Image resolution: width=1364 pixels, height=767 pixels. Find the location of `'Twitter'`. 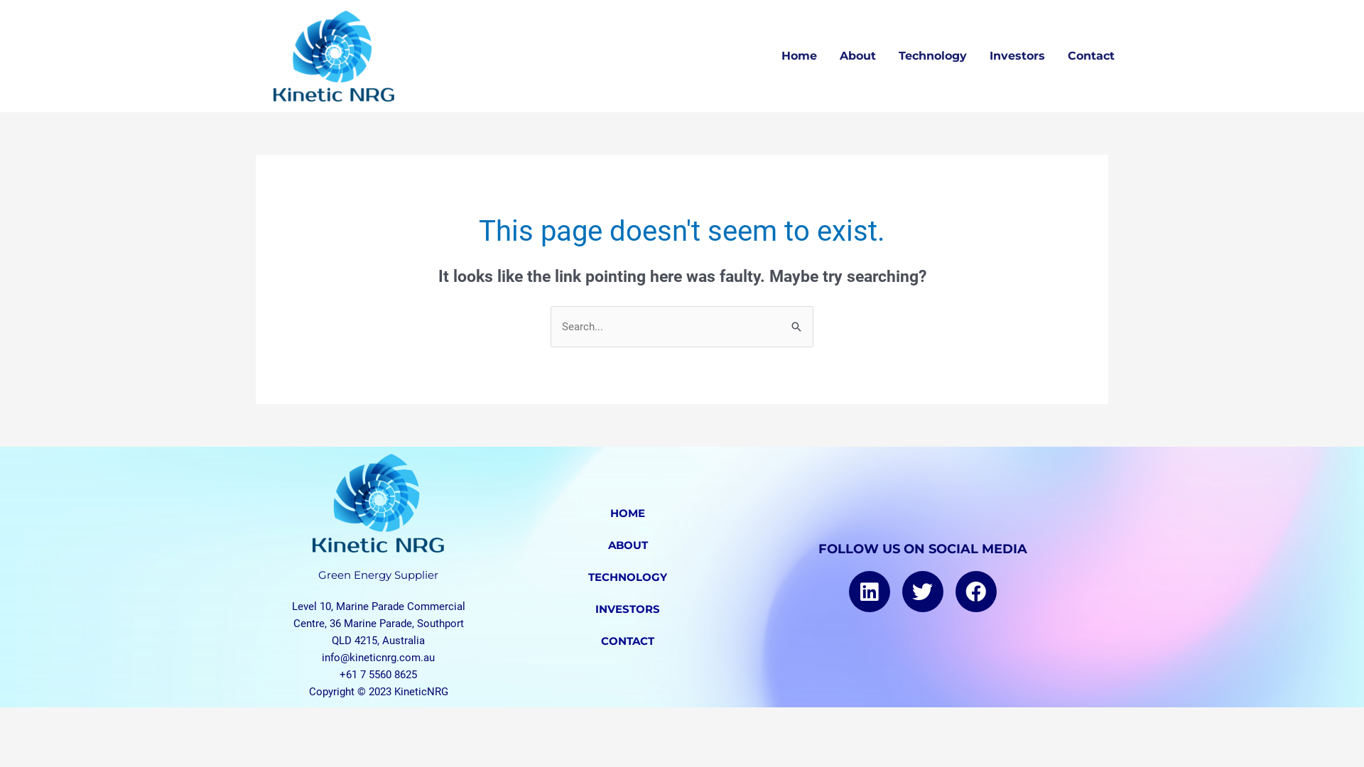

'Twitter' is located at coordinates (902, 592).